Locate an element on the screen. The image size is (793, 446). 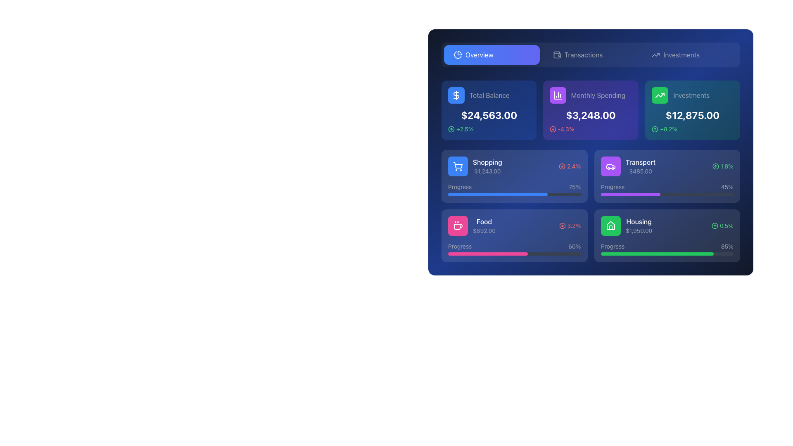
the text label displaying the word 'Food' in white font on a pink background is located at coordinates (484, 221).